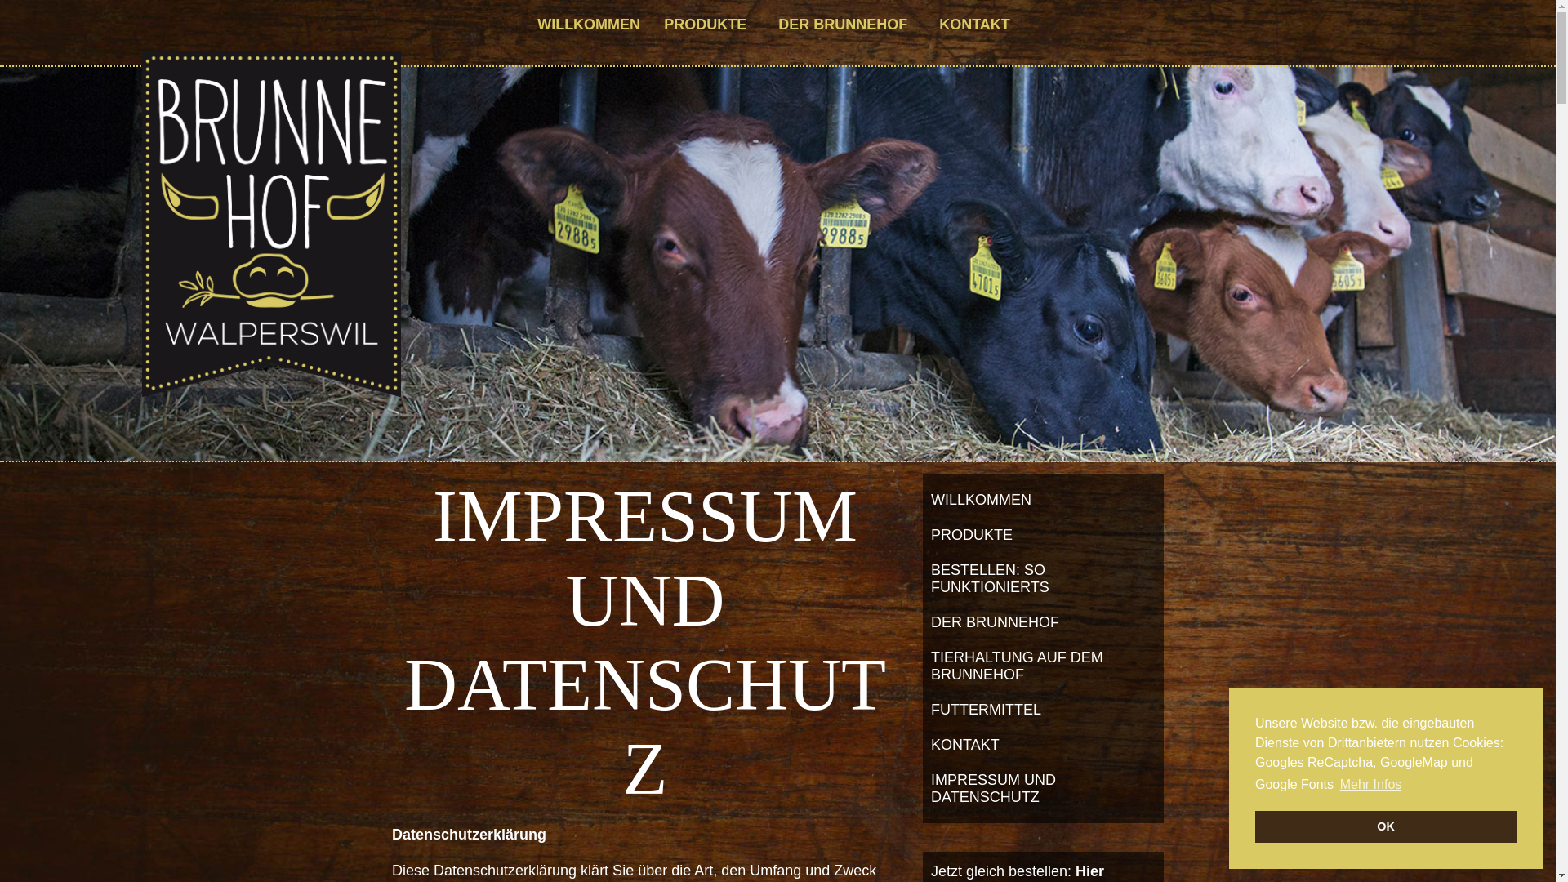 The width and height of the screenshot is (1568, 882). What do you see at coordinates (931, 535) in the screenshot?
I see `'PRODUKTE'` at bounding box center [931, 535].